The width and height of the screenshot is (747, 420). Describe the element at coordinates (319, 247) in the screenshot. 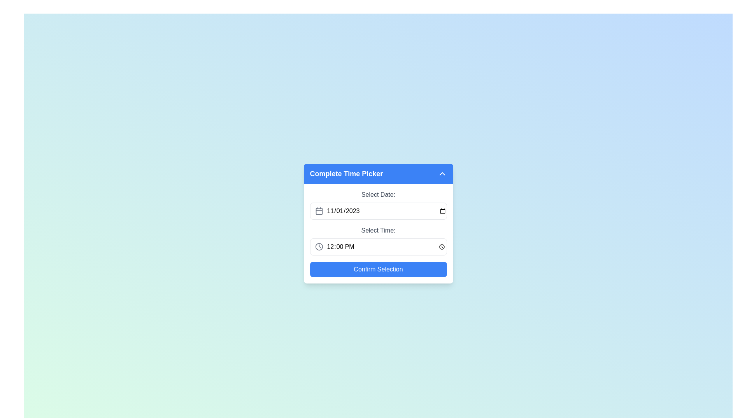

I see `the outer circular outline of the clock icon in the 'Select Time' dialogue box` at that location.